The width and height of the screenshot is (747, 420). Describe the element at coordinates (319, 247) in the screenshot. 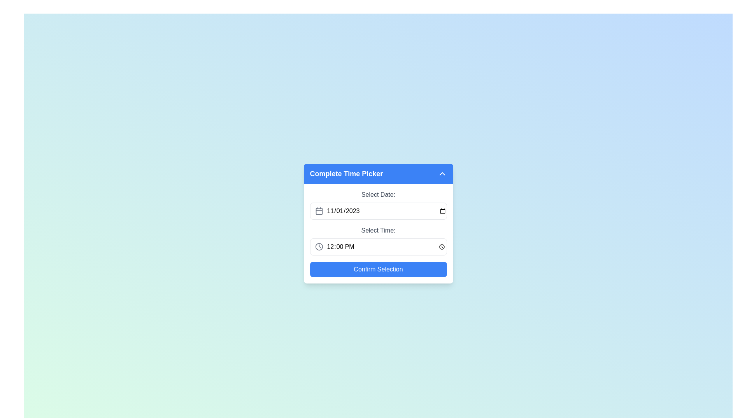

I see `the outer circular outline of the clock icon in the 'Select Time' dialogue box` at that location.